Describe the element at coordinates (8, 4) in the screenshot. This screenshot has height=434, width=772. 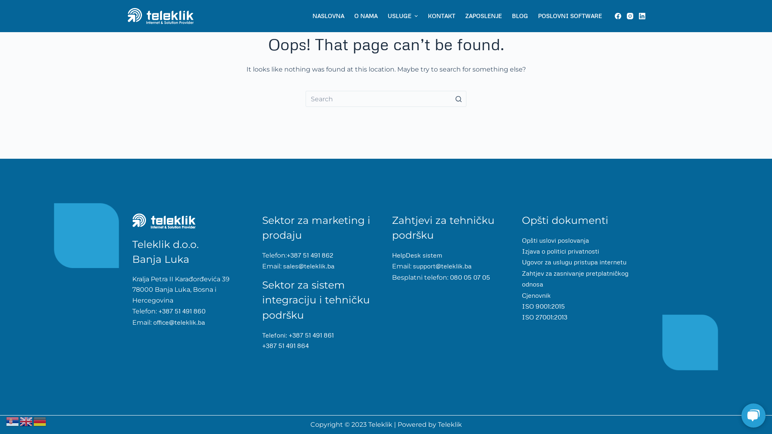
I see `'Skip to content'` at that location.